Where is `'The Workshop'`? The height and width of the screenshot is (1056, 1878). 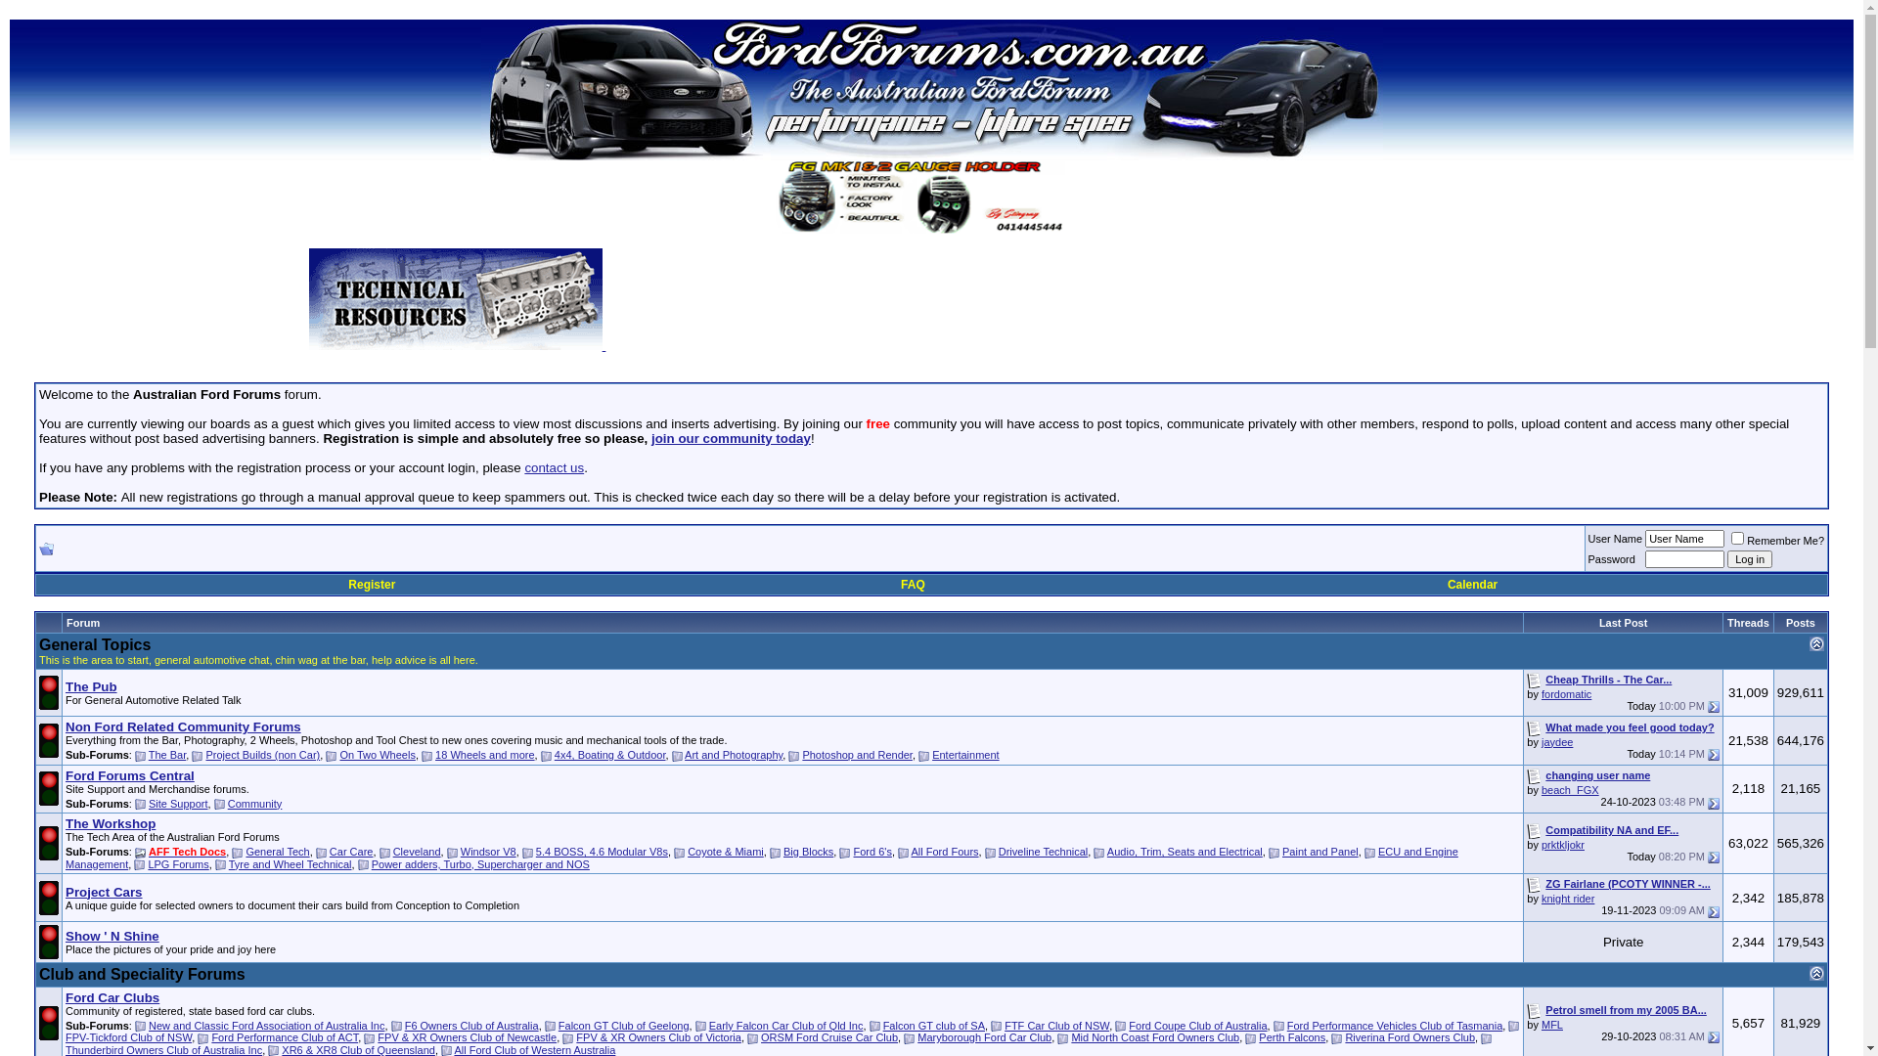 'The Workshop' is located at coordinates (110, 823).